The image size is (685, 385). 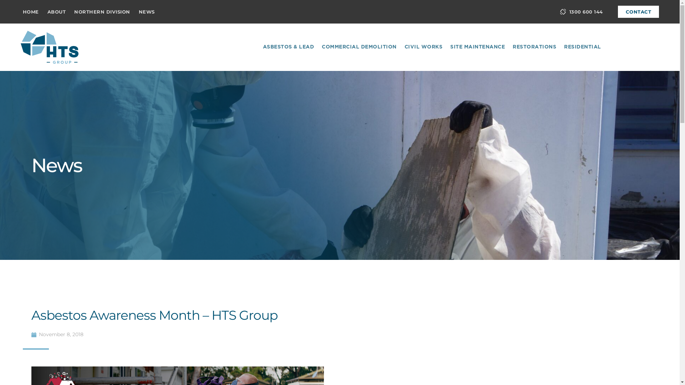 I want to click on 'COMMERCIAL DEMOLITION', so click(x=320, y=47).